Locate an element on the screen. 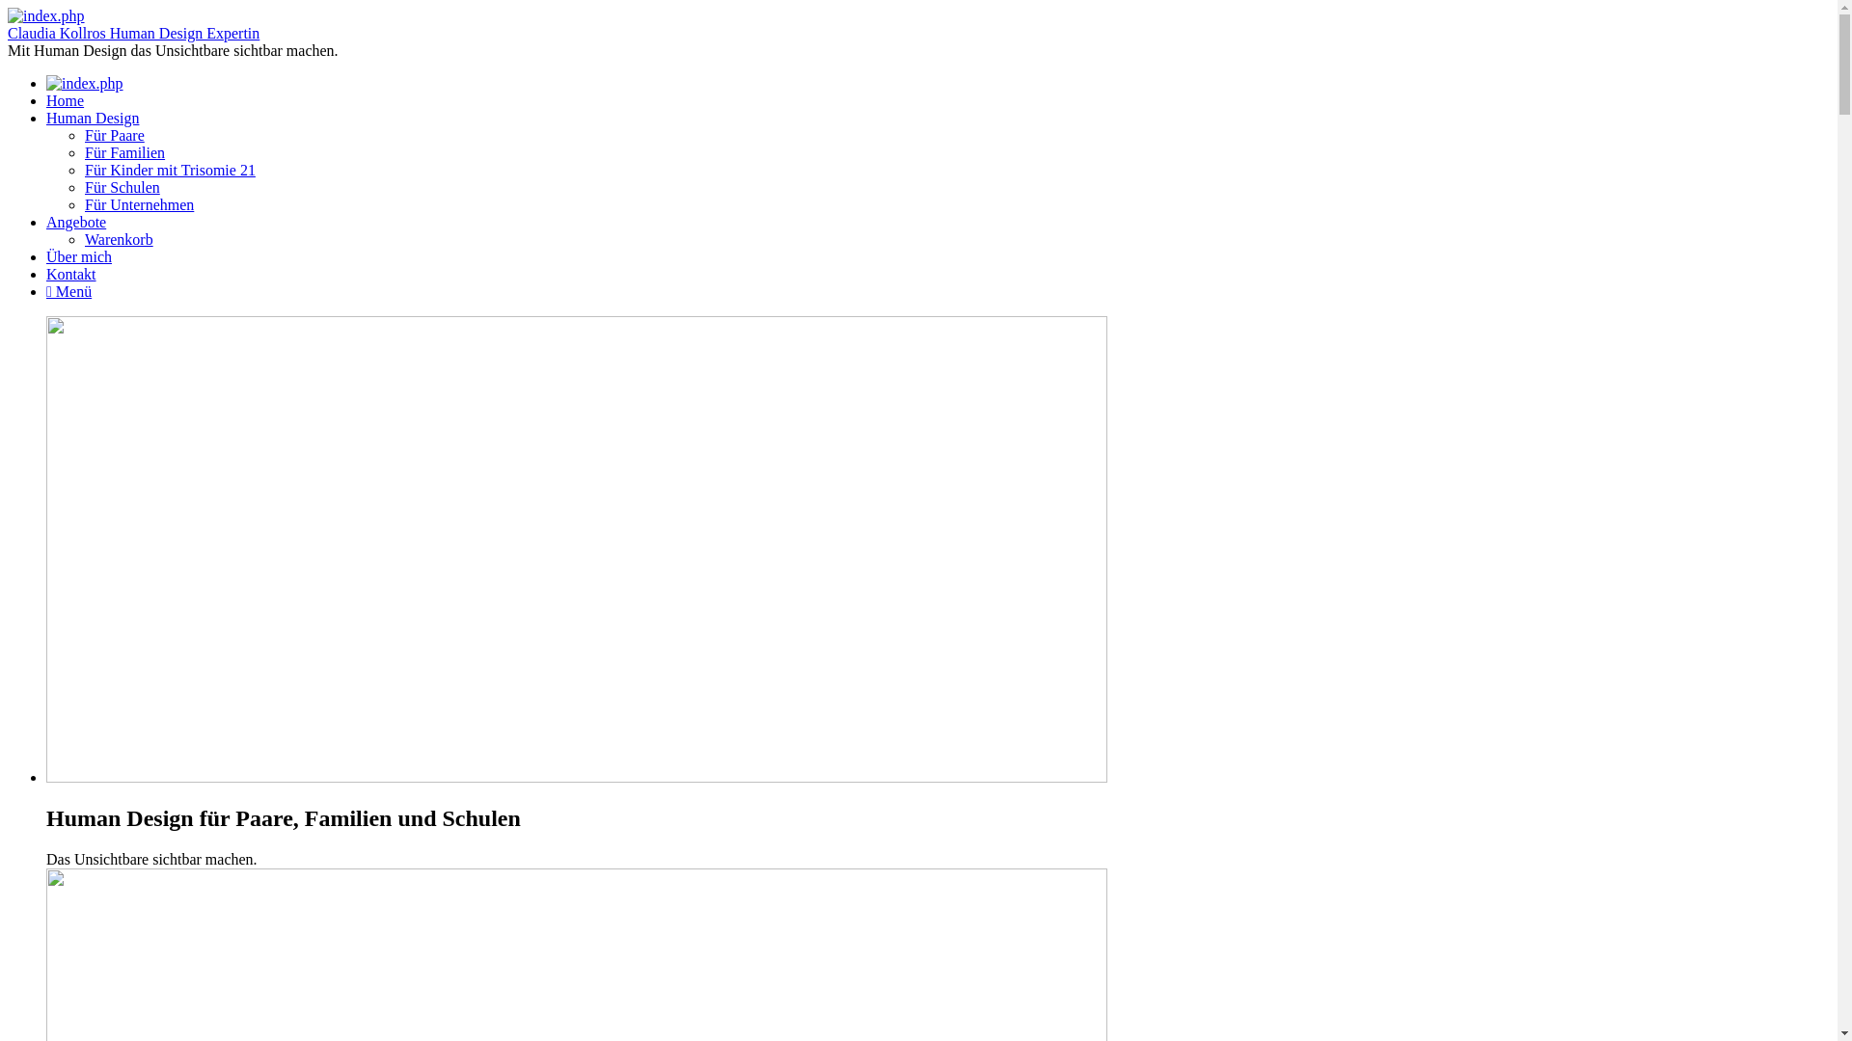 The height and width of the screenshot is (1041, 1852). 'Claudia Kollros Human Design Expertin' is located at coordinates (132, 33).